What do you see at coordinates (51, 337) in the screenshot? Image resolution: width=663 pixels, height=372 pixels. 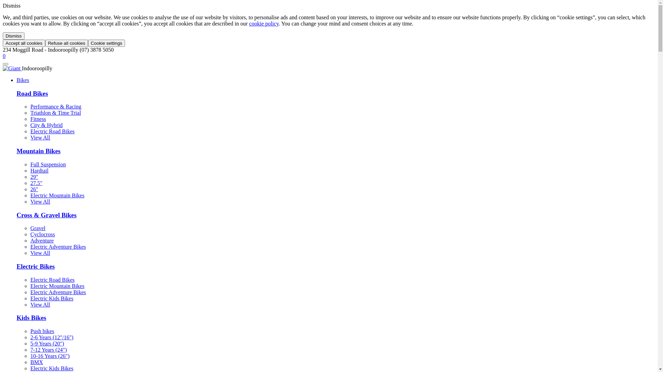 I see `'2-6 Years (12"/16")'` at bounding box center [51, 337].